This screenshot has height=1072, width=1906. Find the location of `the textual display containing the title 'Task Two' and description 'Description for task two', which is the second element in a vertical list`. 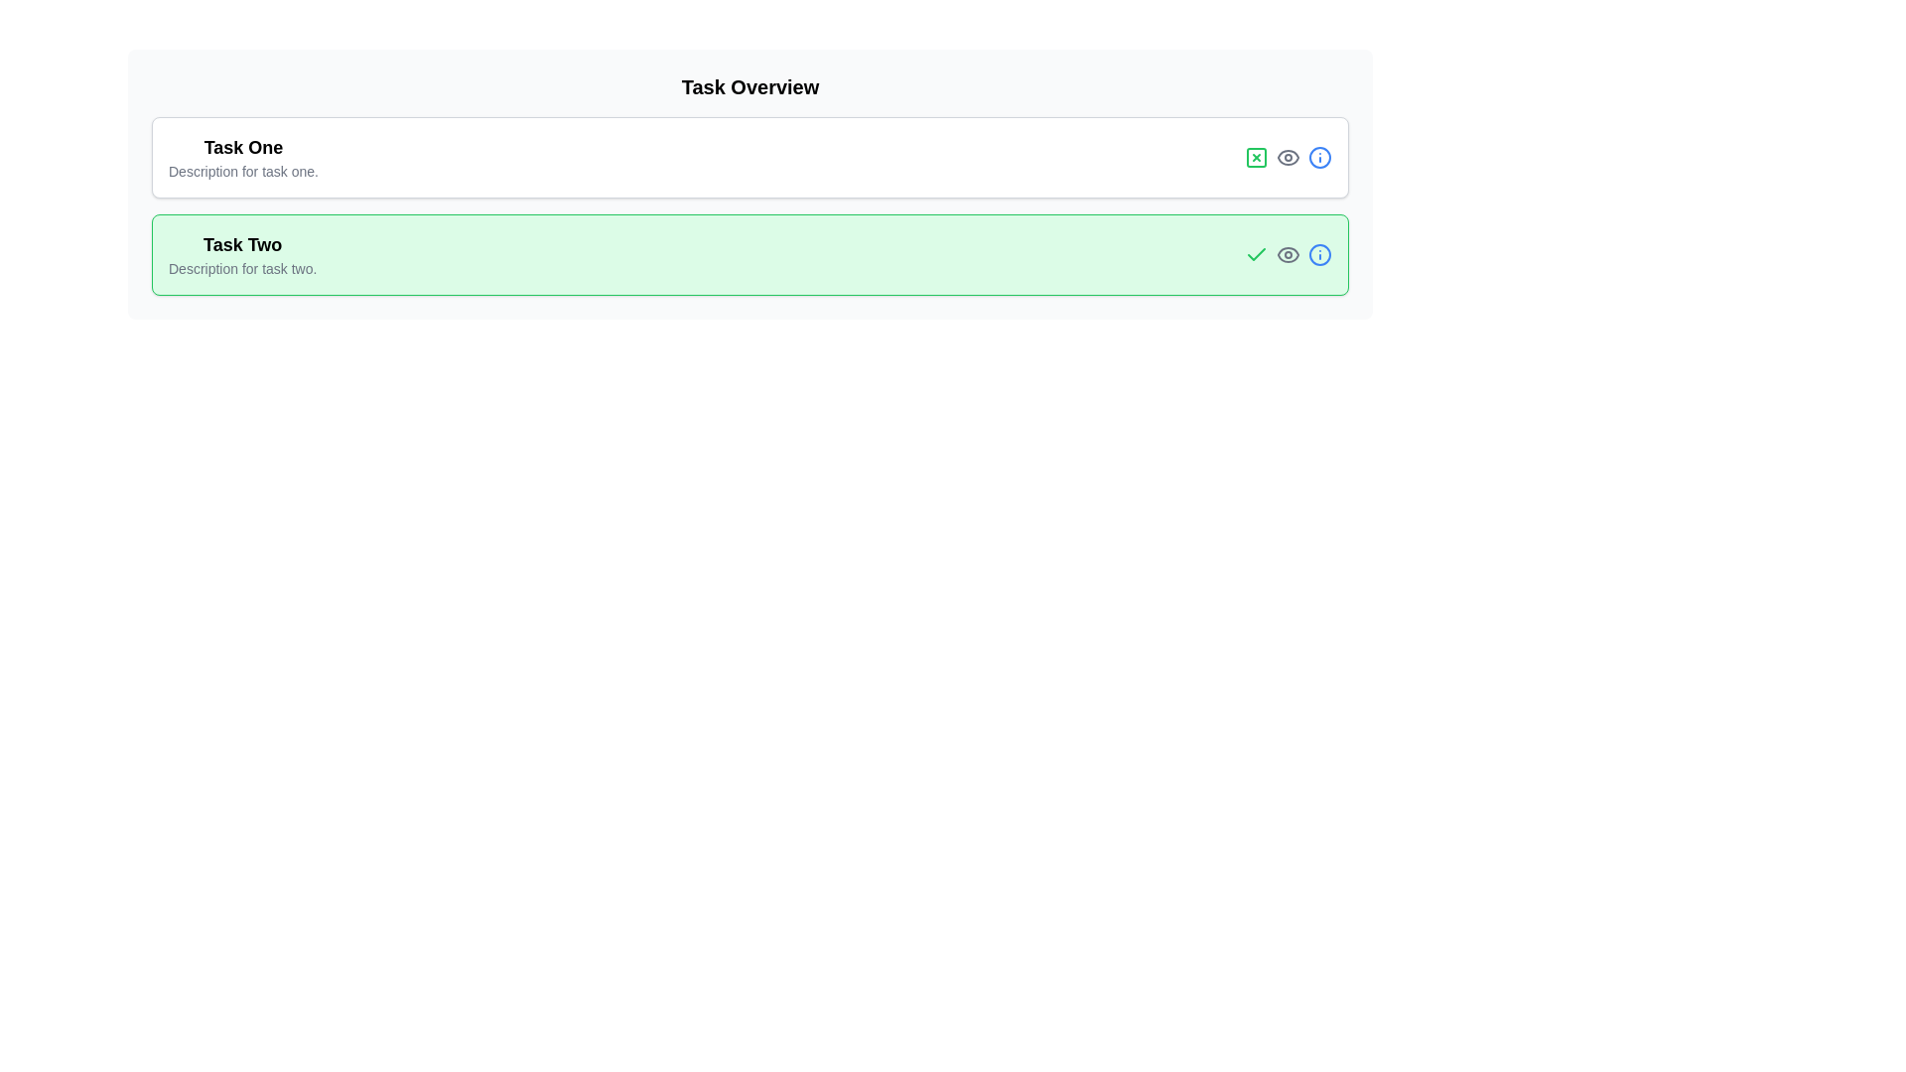

the textual display containing the title 'Task Two' and description 'Description for task two', which is the second element in a vertical list is located at coordinates (241, 254).